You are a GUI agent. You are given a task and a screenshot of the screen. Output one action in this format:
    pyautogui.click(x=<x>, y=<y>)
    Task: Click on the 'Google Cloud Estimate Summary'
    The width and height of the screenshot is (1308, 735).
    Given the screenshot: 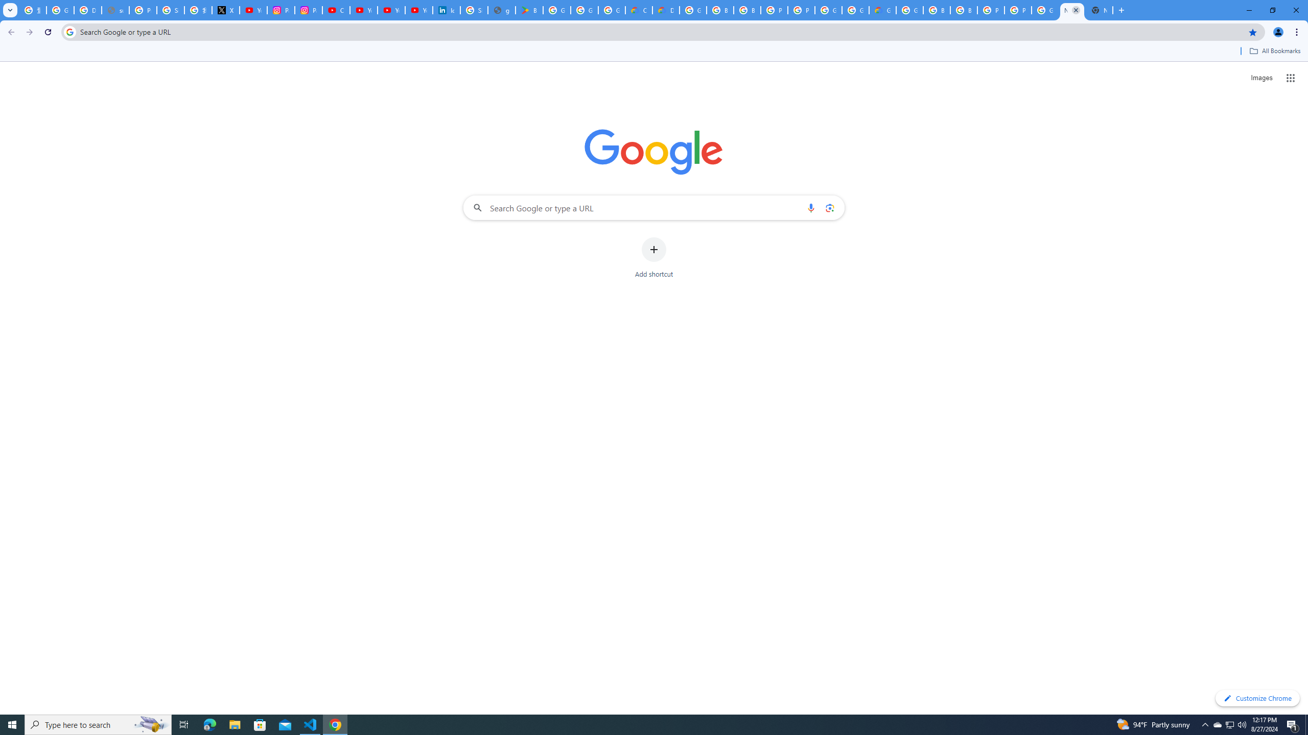 What is the action you would take?
    pyautogui.click(x=883, y=10)
    